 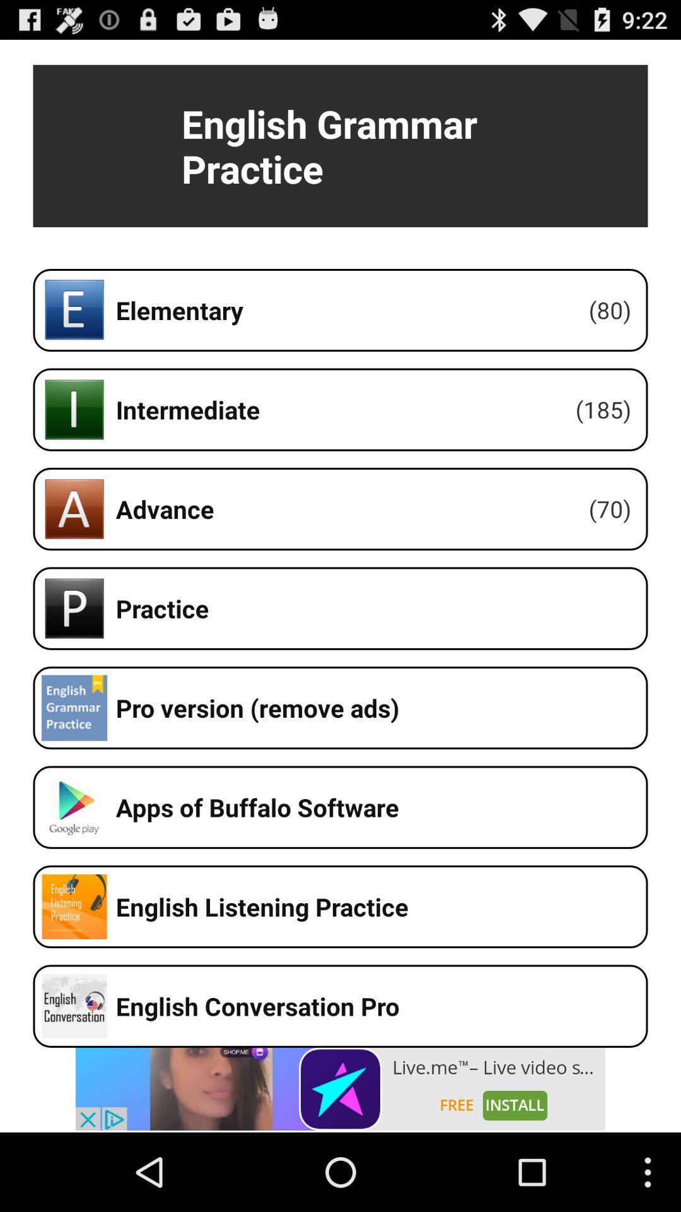 What do you see at coordinates (74, 609) in the screenshot?
I see `the practice icon` at bounding box center [74, 609].